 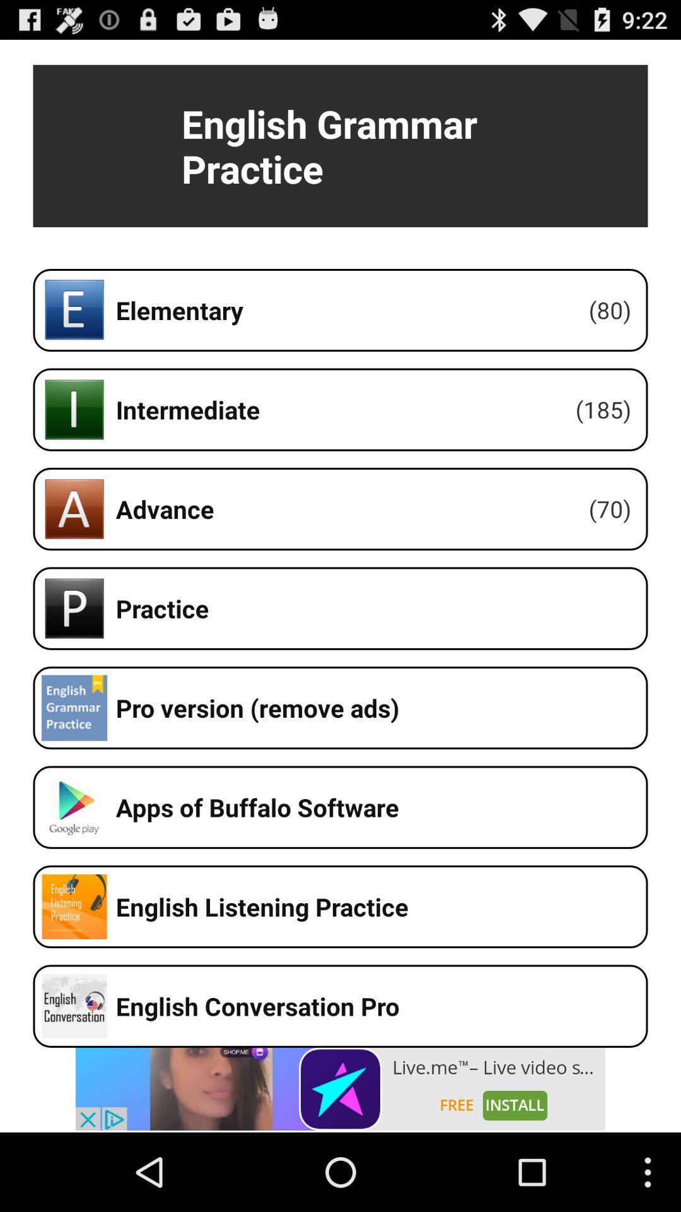 What do you see at coordinates (74, 609) in the screenshot?
I see `the practice icon` at bounding box center [74, 609].